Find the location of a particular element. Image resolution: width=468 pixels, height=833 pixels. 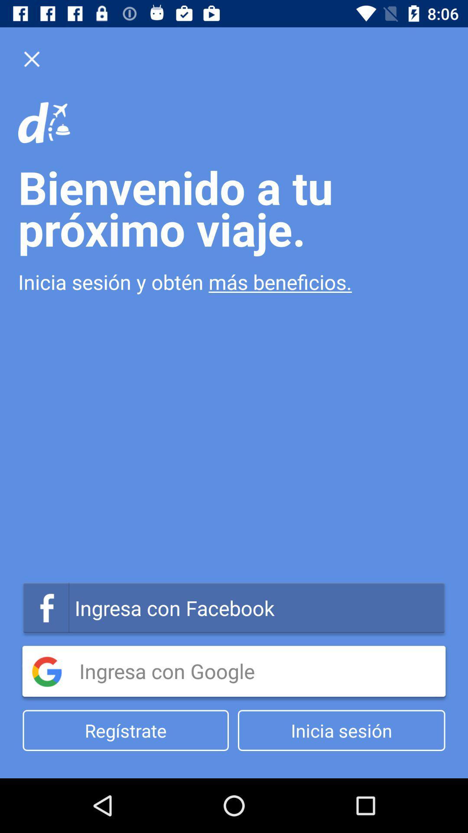

the close icon is located at coordinates (31, 59).